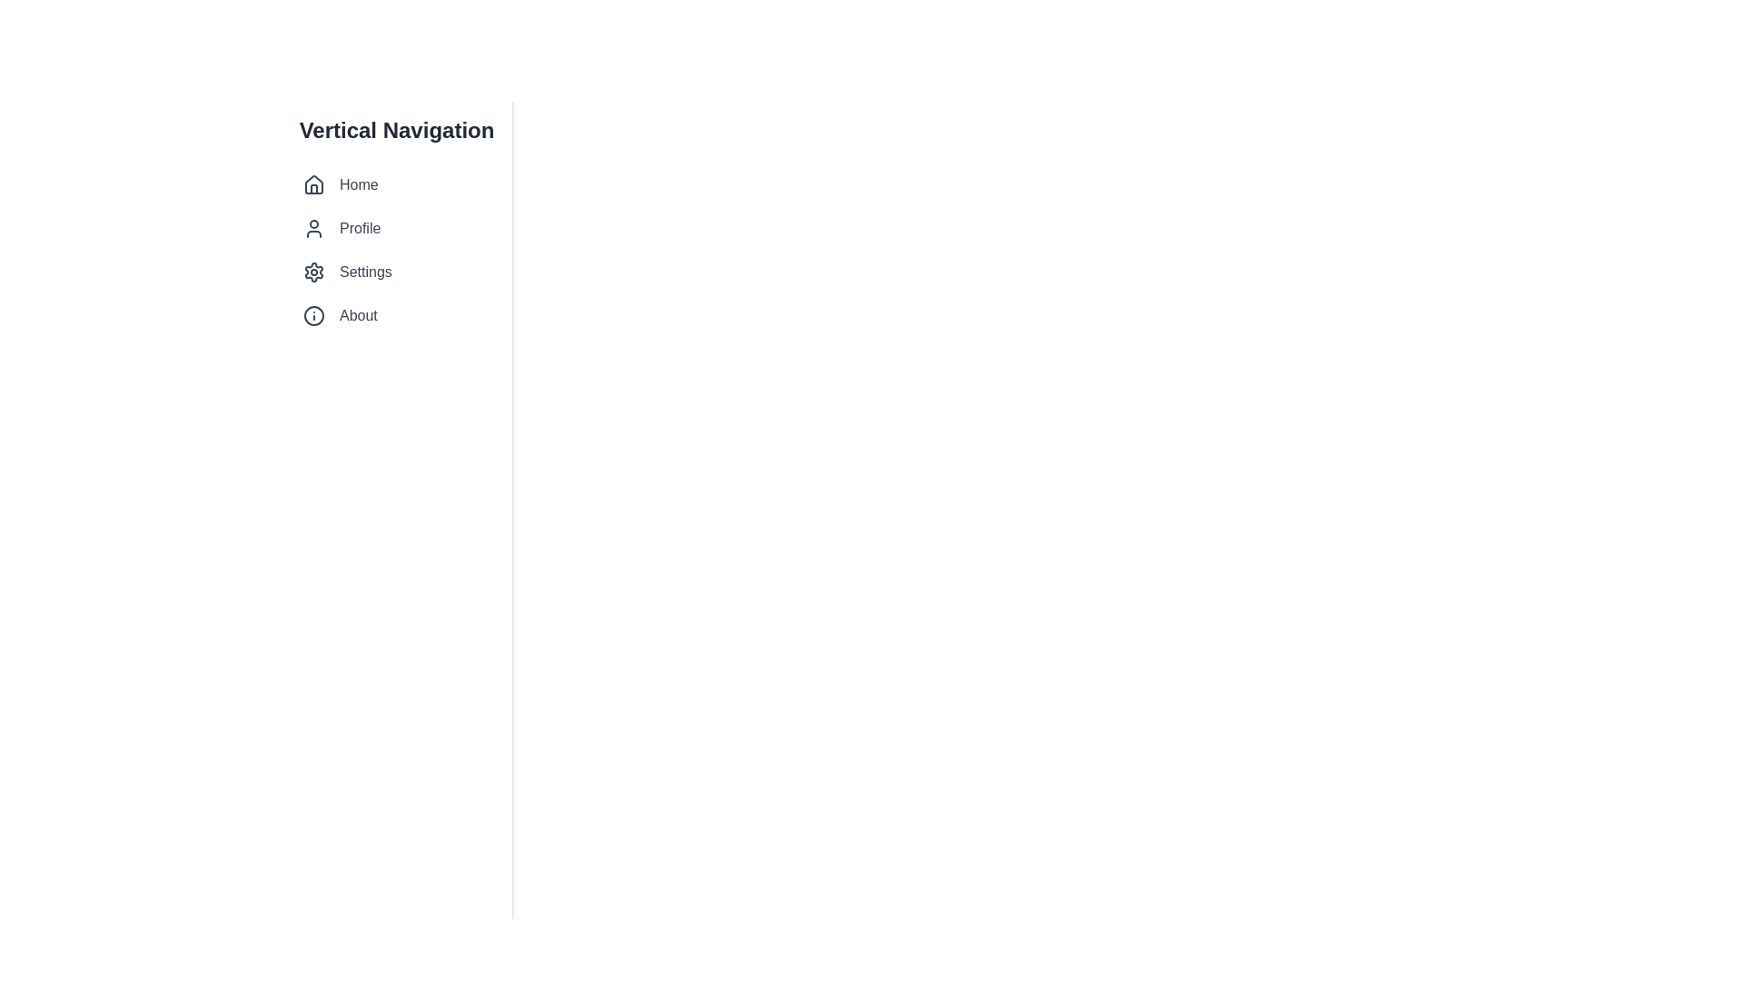  What do you see at coordinates (313, 272) in the screenshot?
I see `the settings icon located in the vertical navigation menu, which is situated directly to the left of the word 'Settings'` at bounding box center [313, 272].